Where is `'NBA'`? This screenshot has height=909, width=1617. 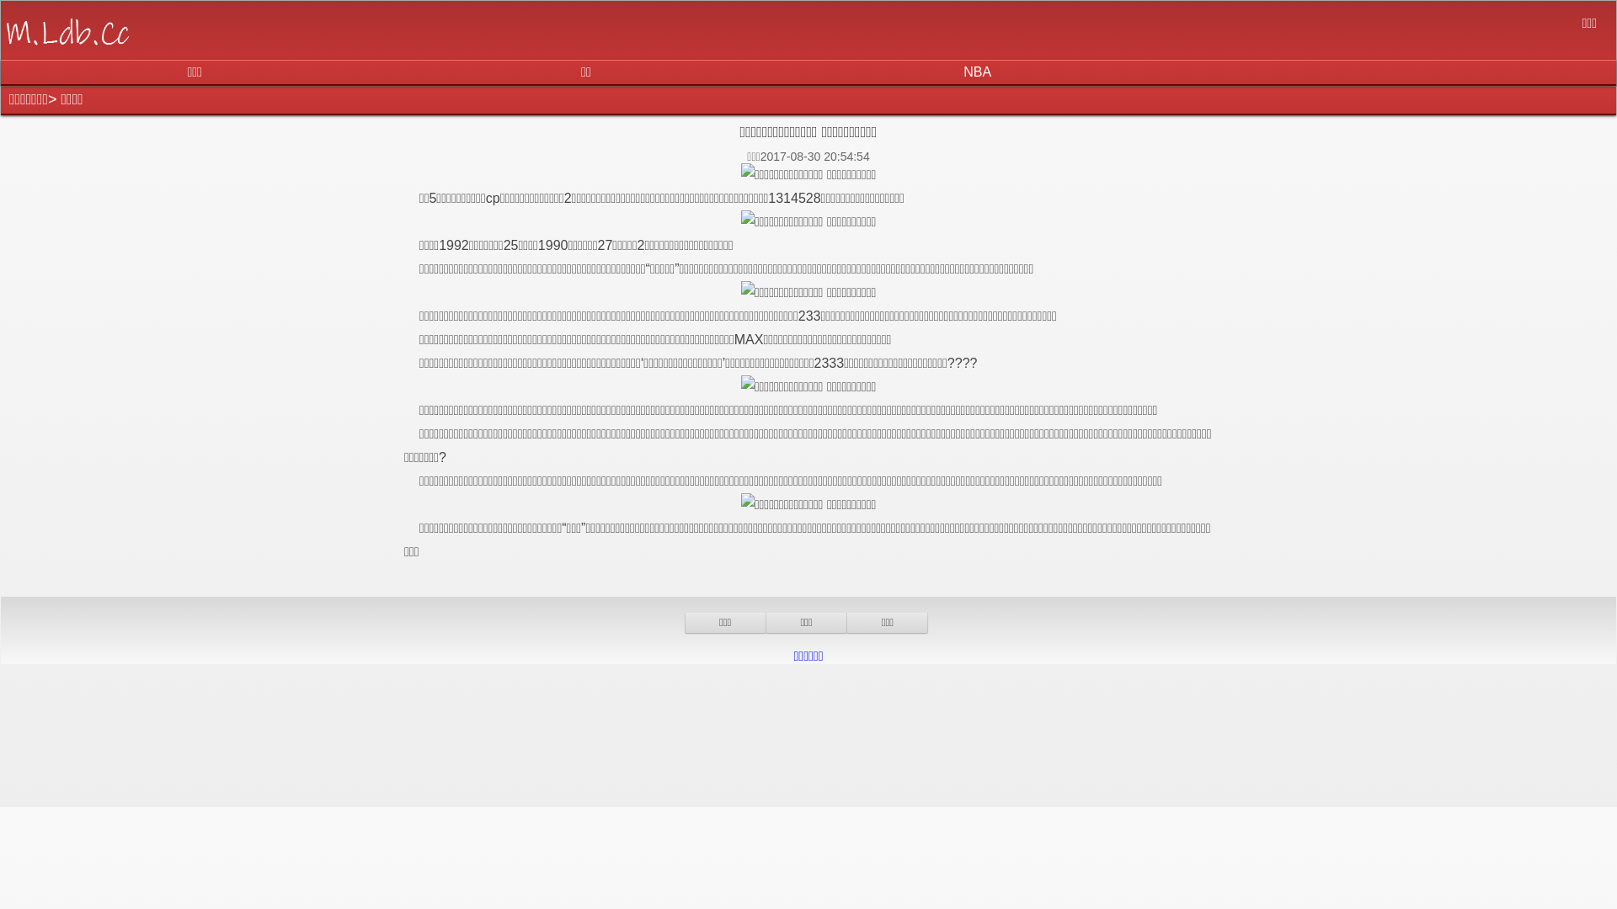
'NBA' is located at coordinates (978, 71).